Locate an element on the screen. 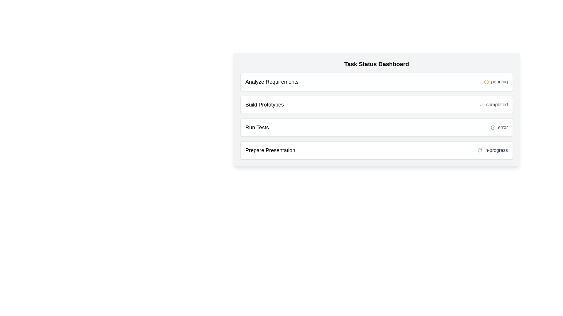  the small green checkmark icon representing confirmation or success, located to the left of the 'completed' label in the 'Build Prototypes' row of the task status dashboard is located at coordinates (481, 104).